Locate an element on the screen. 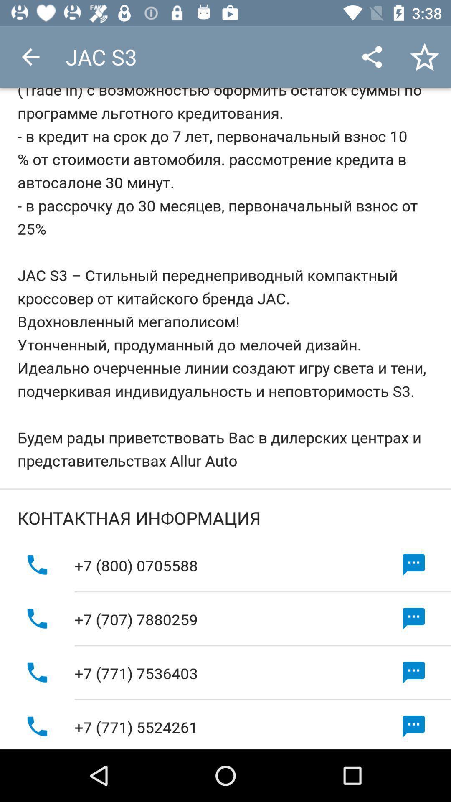 This screenshot has width=451, height=802. the icon to the left of jac s3 is located at coordinates (30, 56).